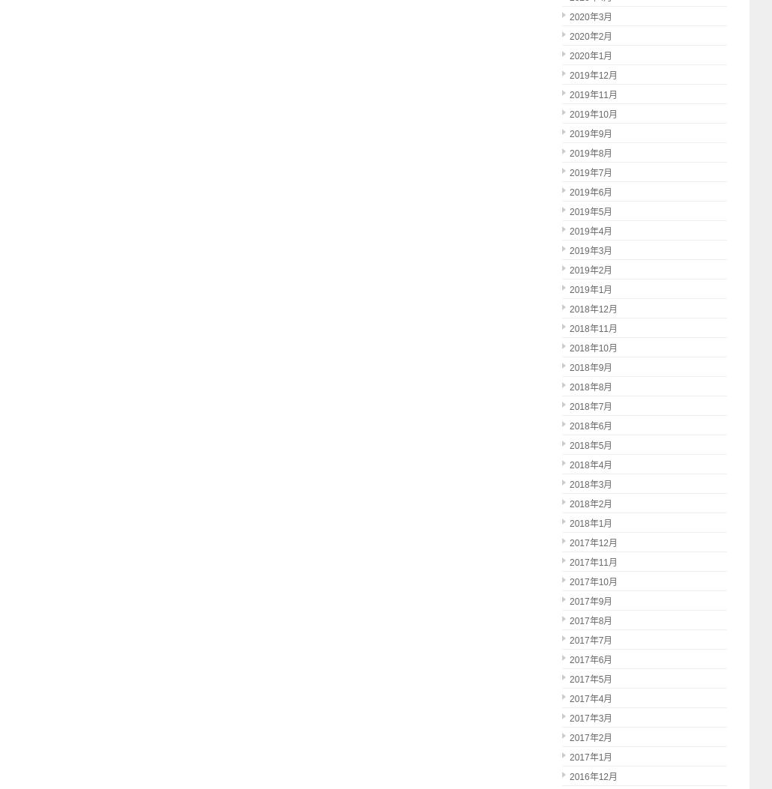 The width and height of the screenshot is (772, 789). I want to click on '2017年4月', so click(570, 698).